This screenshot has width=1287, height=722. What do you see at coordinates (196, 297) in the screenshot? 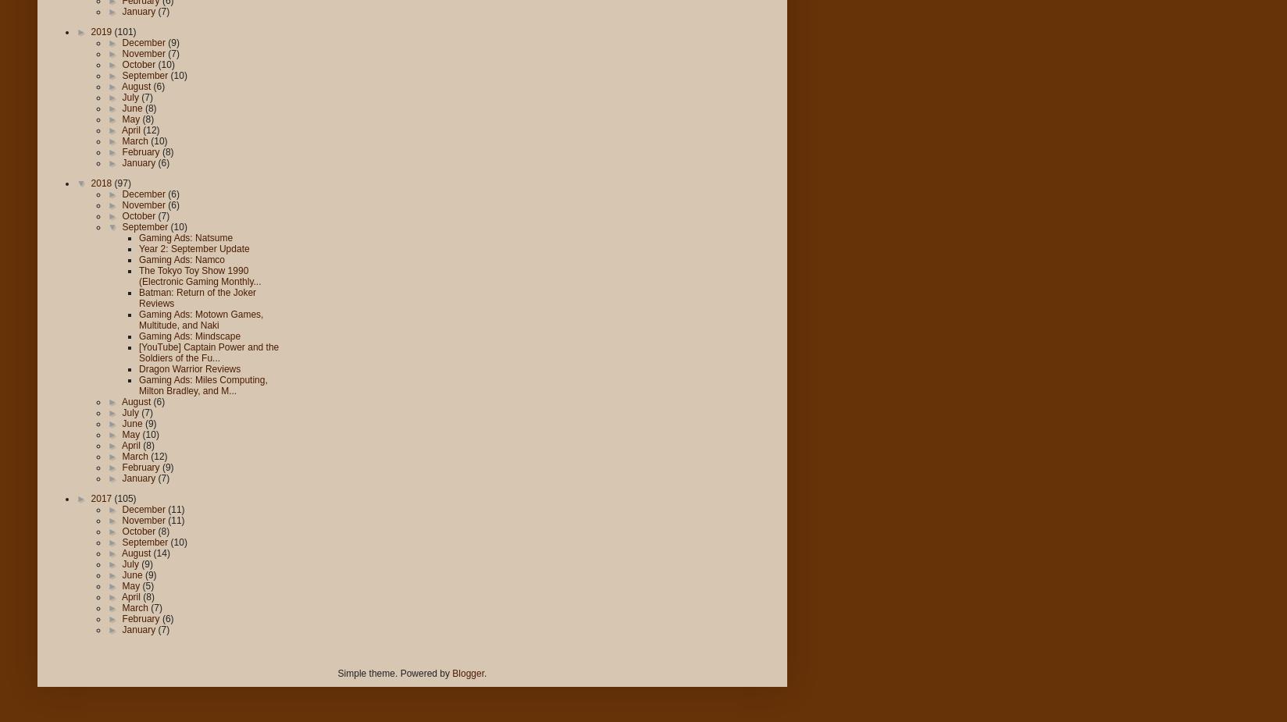
I see `'Batman: Return of the Joker Reviews'` at bounding box center [196, 297].